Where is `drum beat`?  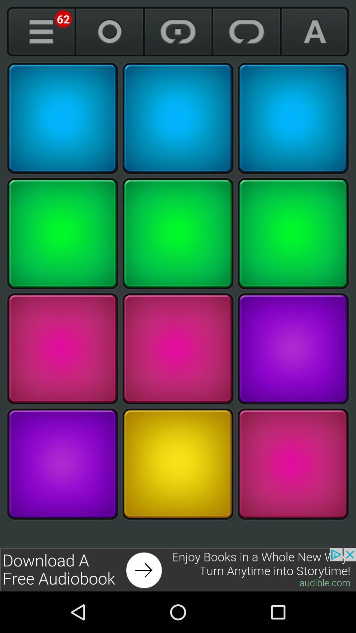 drum beat is located at coordinates (293, 464).